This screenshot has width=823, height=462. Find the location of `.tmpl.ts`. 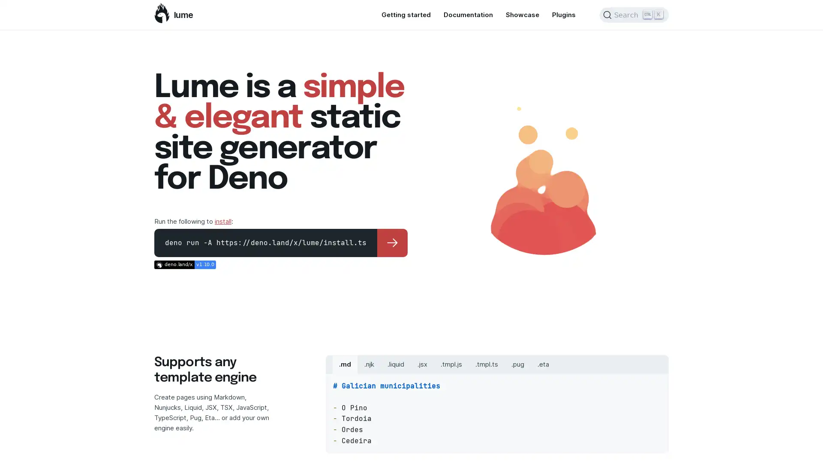

.tmpl.ts is located at coordinates (487, 364).